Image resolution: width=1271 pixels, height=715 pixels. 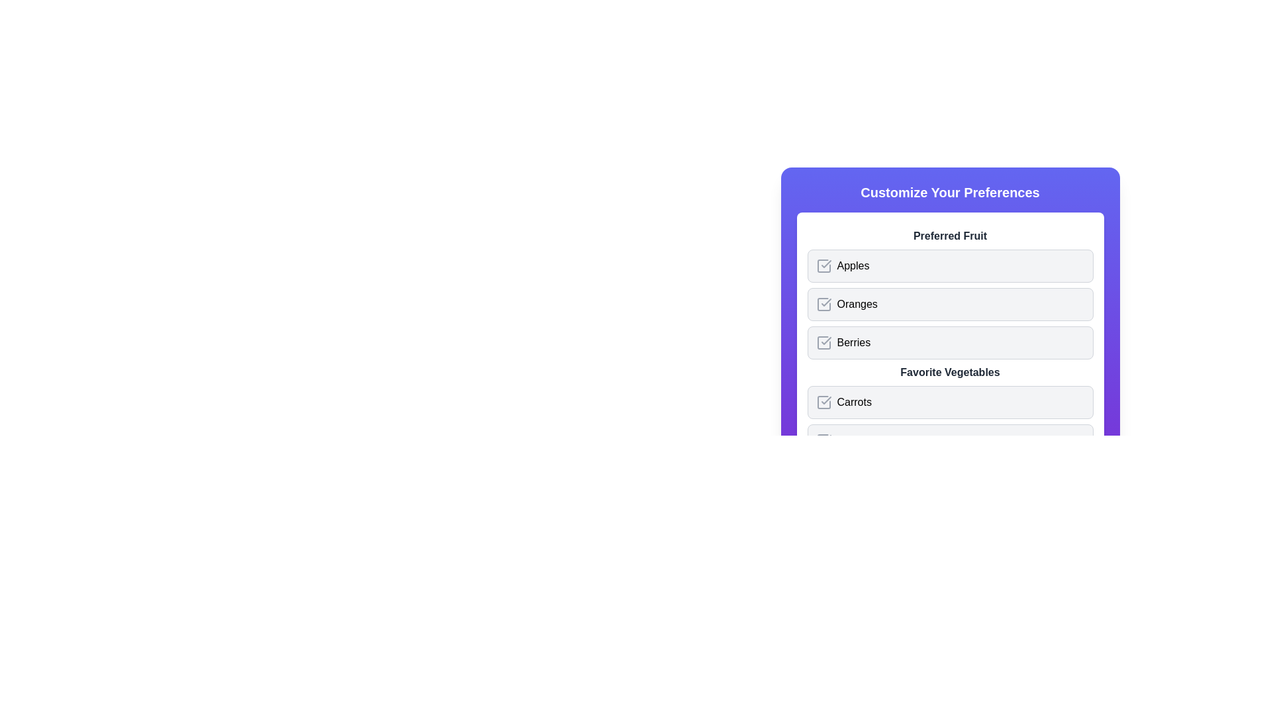 I want to click on the label or text header for the list of vegetables, which is positioned between the 'Berries' option above and the 'Carrots' option below, so click(x=949, y=373).